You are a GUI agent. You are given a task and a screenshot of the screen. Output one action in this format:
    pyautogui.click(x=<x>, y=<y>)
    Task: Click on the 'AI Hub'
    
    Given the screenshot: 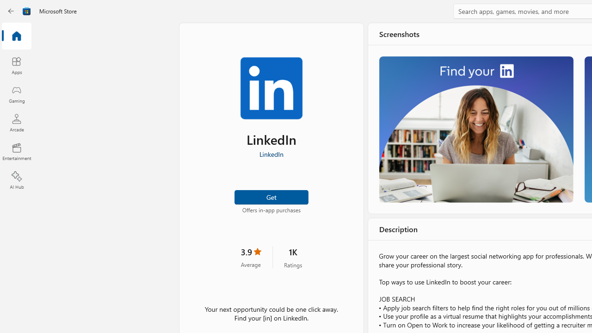 What is the action you would take?
    pyautogui.click(x=16, y=180)
    